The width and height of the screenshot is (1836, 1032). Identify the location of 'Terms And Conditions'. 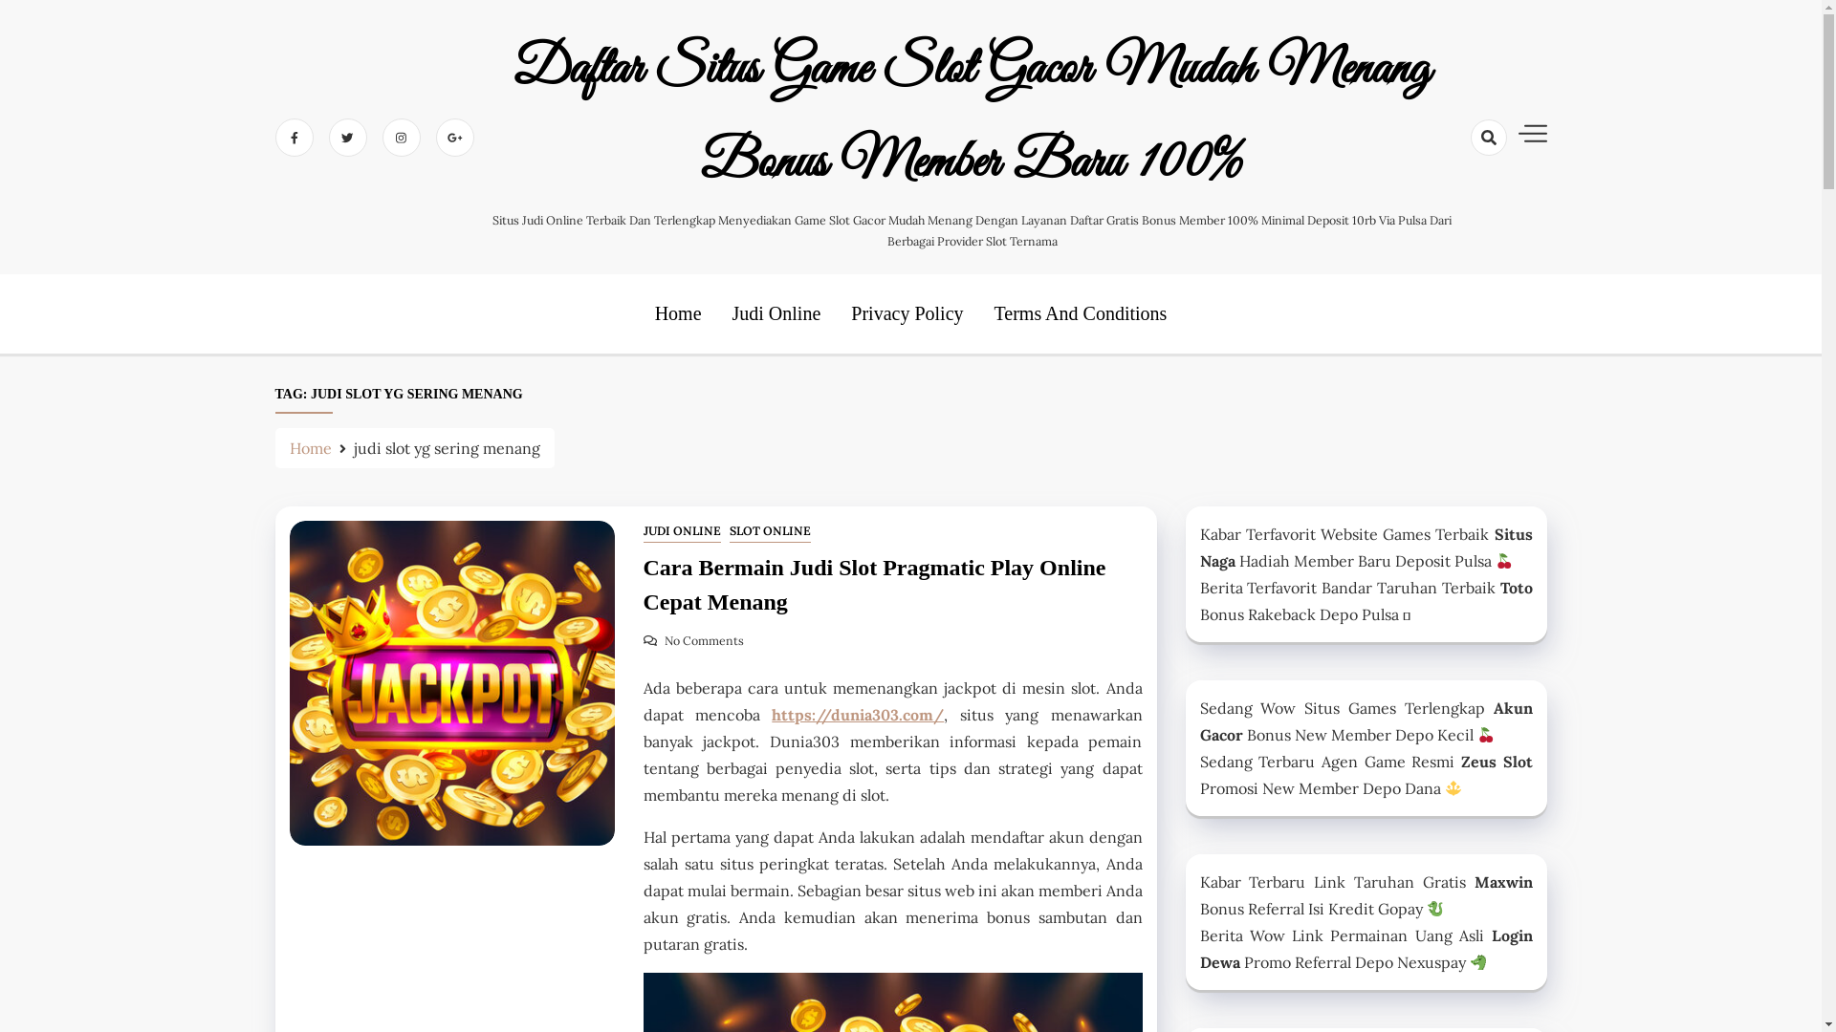
(994, 312).